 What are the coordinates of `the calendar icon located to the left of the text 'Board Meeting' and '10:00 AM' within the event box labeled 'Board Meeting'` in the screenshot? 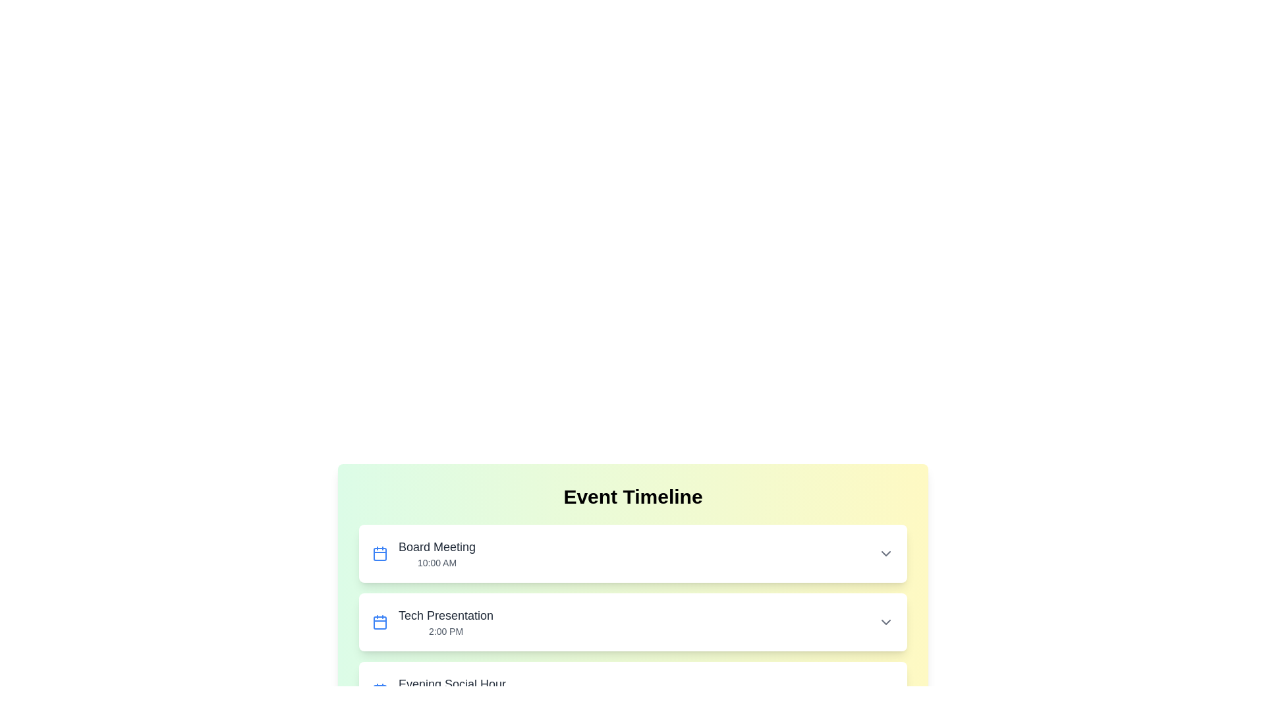 It's located at (379, 554).